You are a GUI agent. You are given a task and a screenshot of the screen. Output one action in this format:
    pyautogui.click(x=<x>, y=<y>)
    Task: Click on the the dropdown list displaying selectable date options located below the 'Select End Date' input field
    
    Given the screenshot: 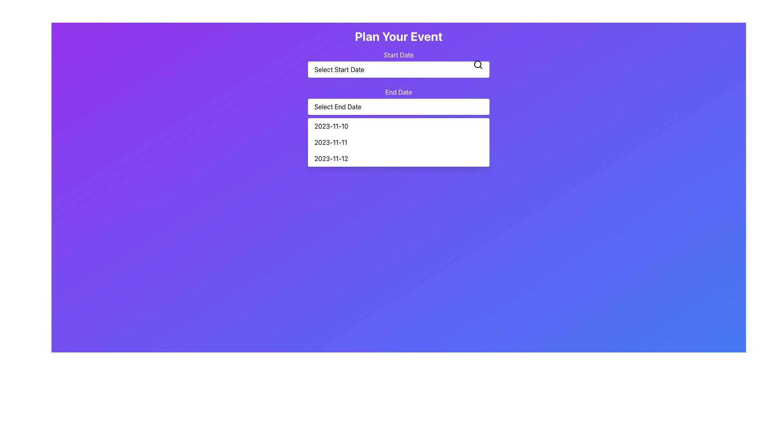 What is the action you would take?
    pyautogui.click(x=398, y=142)
    